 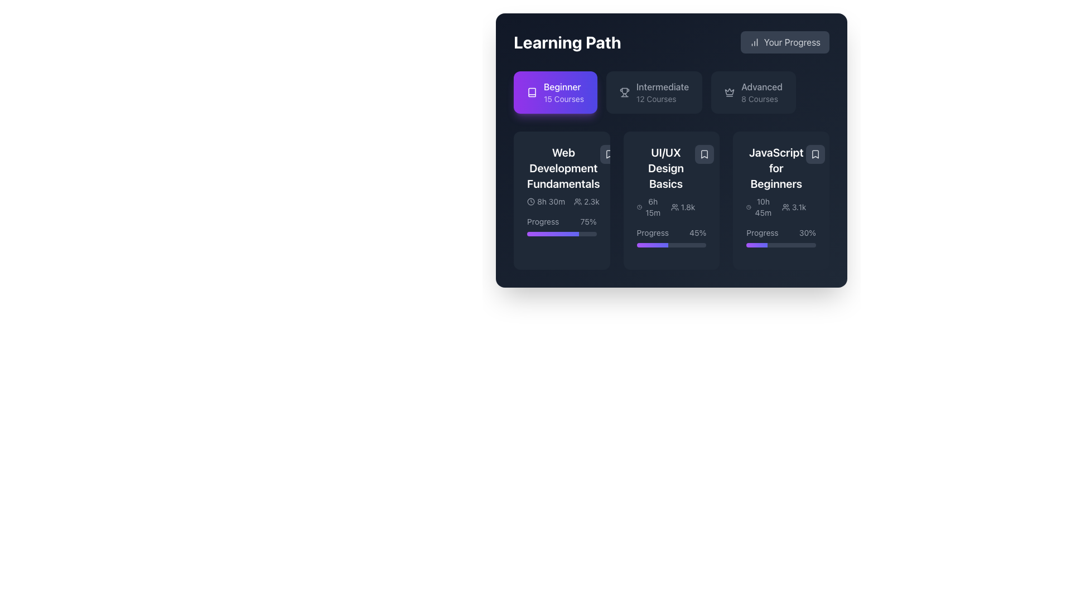 I want to click on the small clock icon next to the text '8h 30m', so click(x=530, y=202).